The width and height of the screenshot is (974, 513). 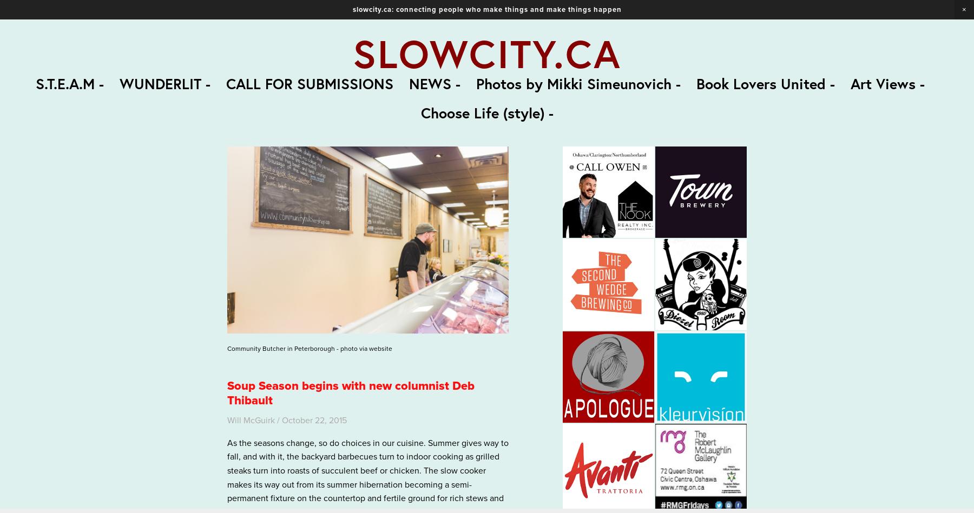 I want to click on 'SLOWCITY.CA', so click(x=486, y=53).